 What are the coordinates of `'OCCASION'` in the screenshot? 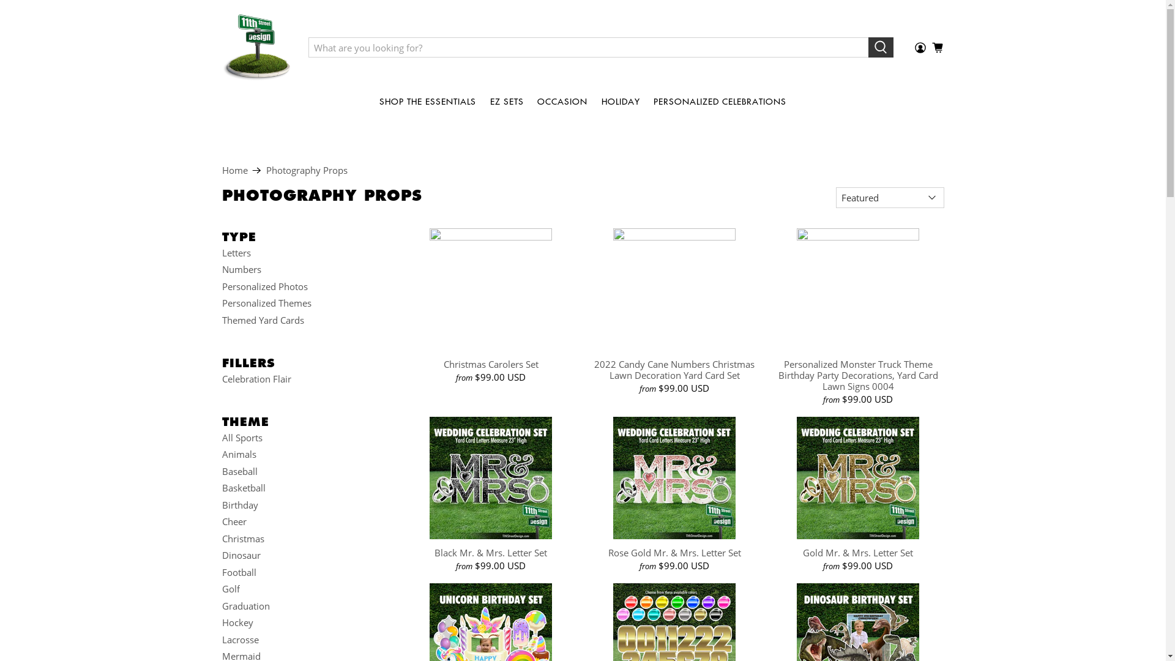 It's located at (562, 100).